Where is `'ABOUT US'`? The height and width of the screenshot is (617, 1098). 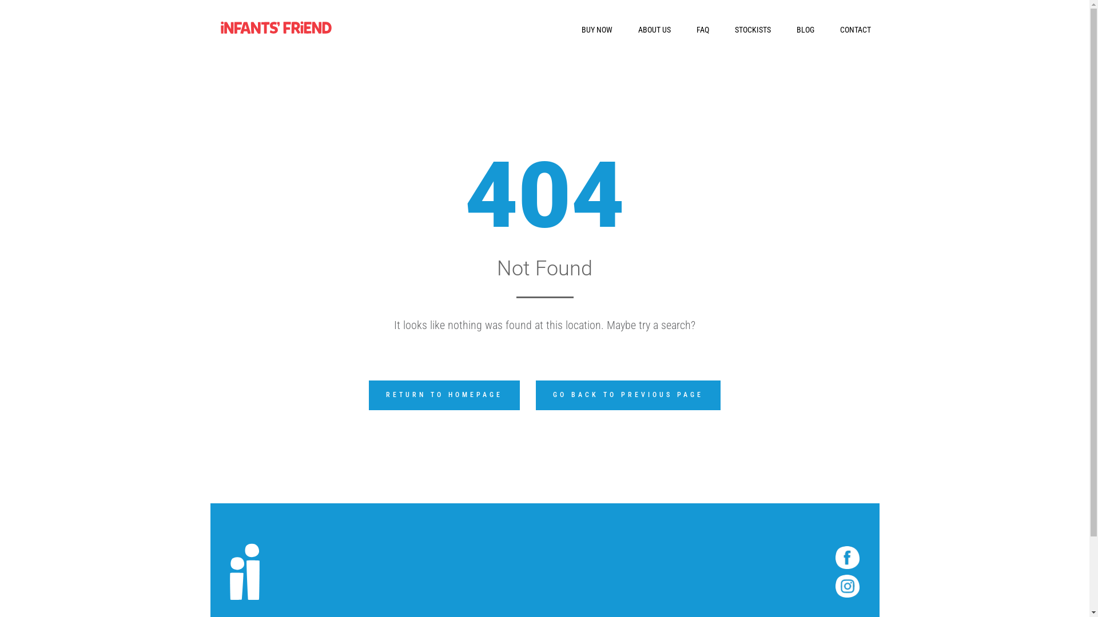
'ABOUT US' is located at coordinates (654, 29).